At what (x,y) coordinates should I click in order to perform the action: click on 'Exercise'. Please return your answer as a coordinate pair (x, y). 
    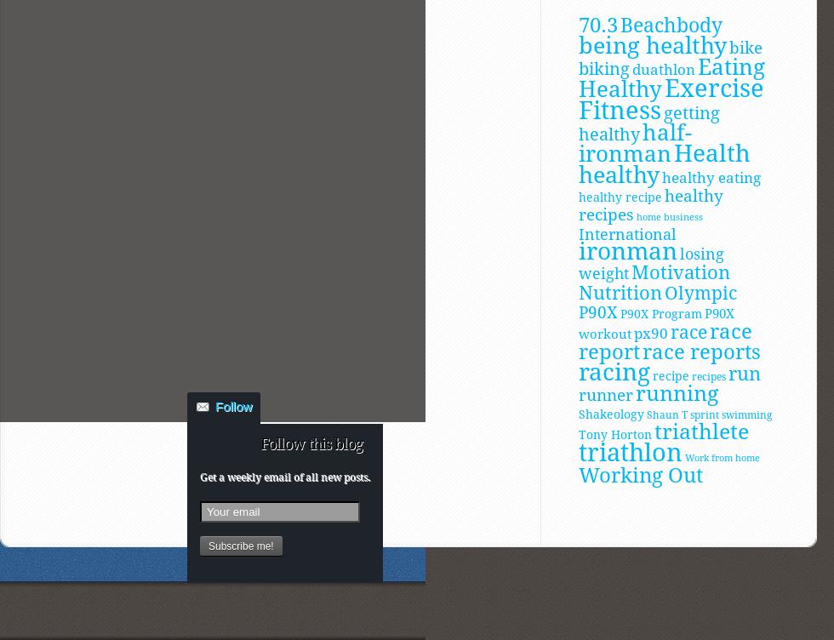
    Looking at the image, I should click on (664, 87).